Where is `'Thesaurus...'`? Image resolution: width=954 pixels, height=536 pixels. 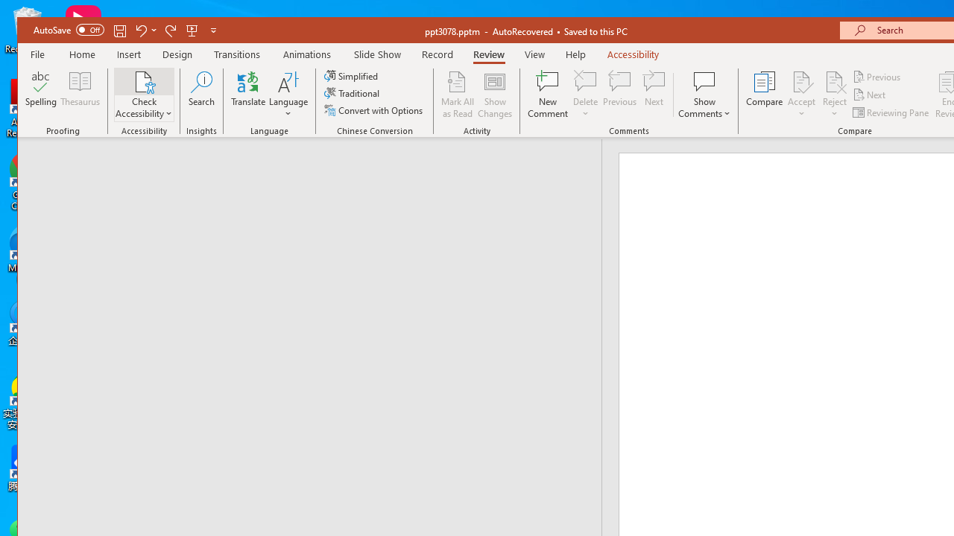 'Thesaurus...' is located at coordinates (80, 95).